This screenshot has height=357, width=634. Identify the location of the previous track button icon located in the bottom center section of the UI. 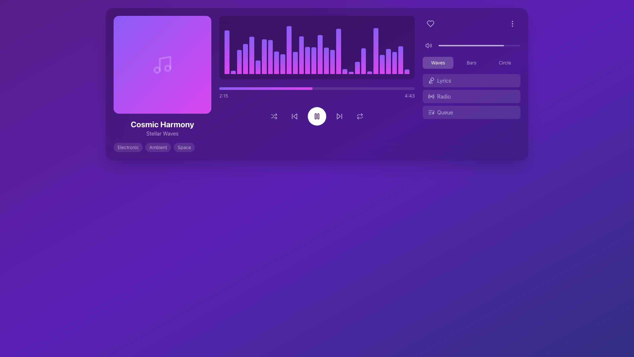
(294, 116).